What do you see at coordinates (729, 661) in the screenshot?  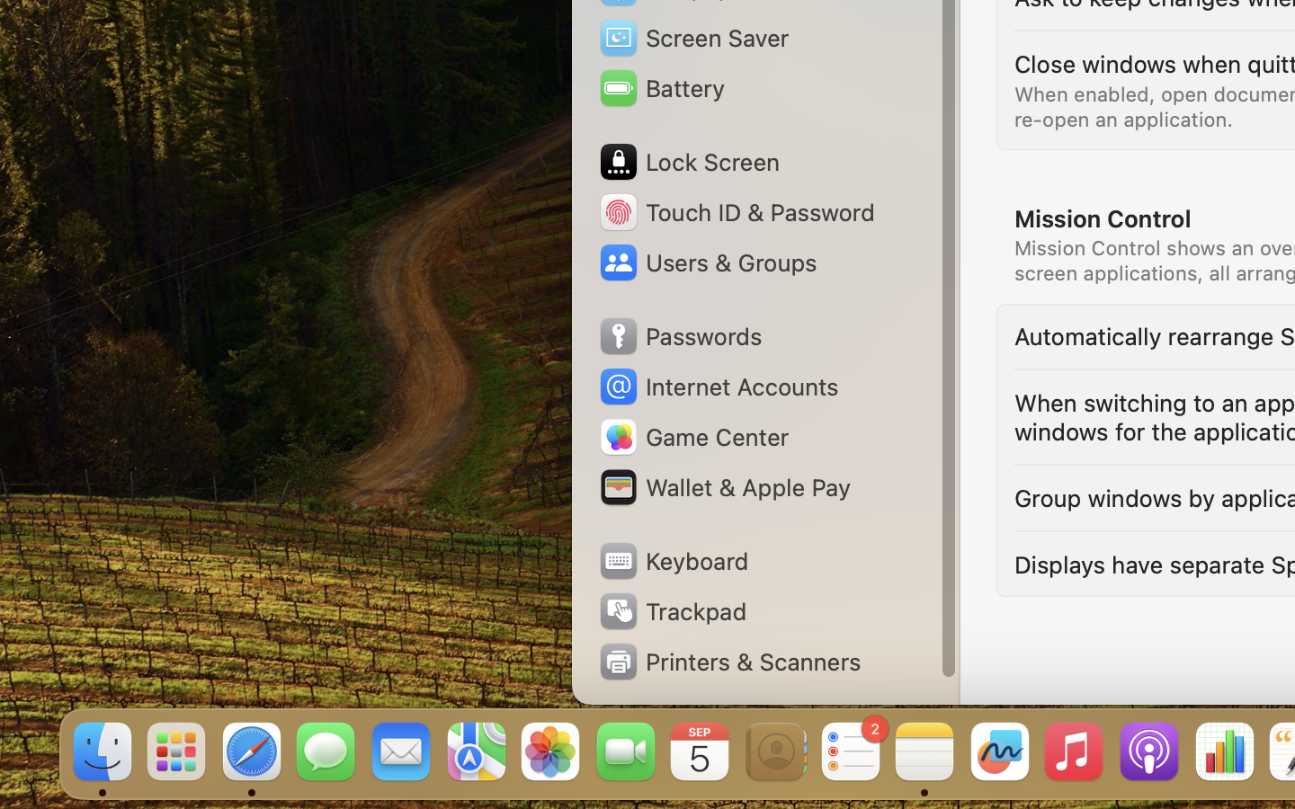 I see `'Printers & Scanners'` at bounding box center [729, 661].